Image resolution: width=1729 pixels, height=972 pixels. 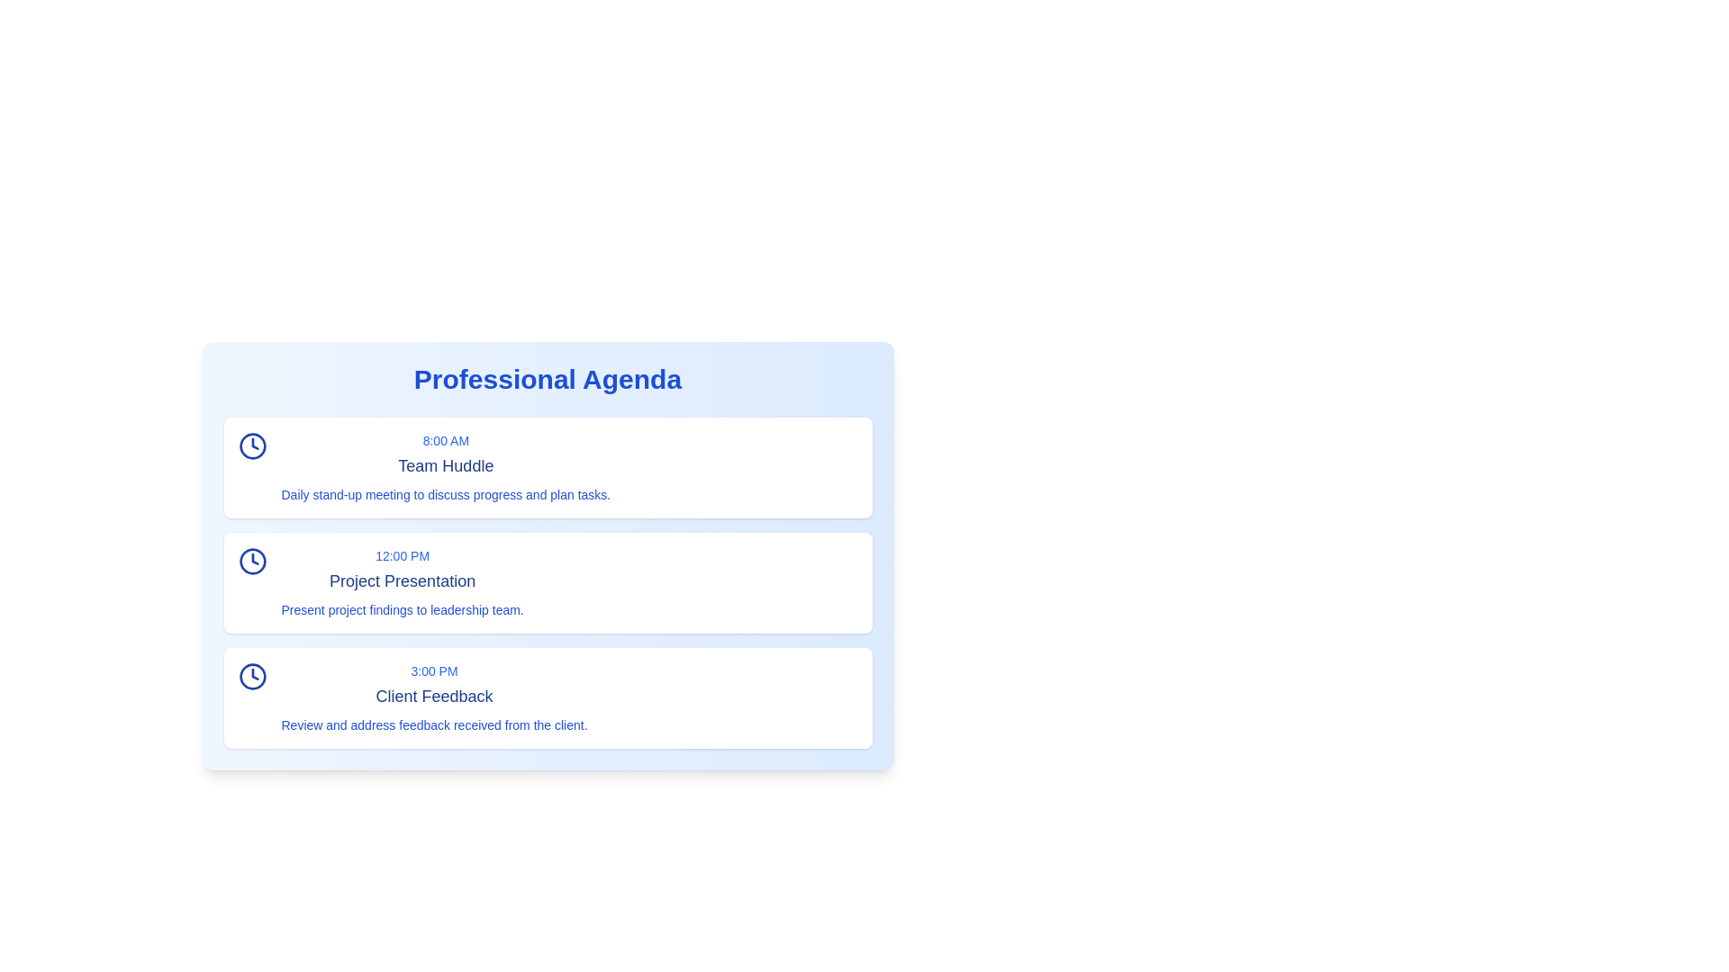 I want to click on the central circular graphical element representing the clock face of the '12:00 PM Project Presentation' agenda entry, so click(x=251, y=561).